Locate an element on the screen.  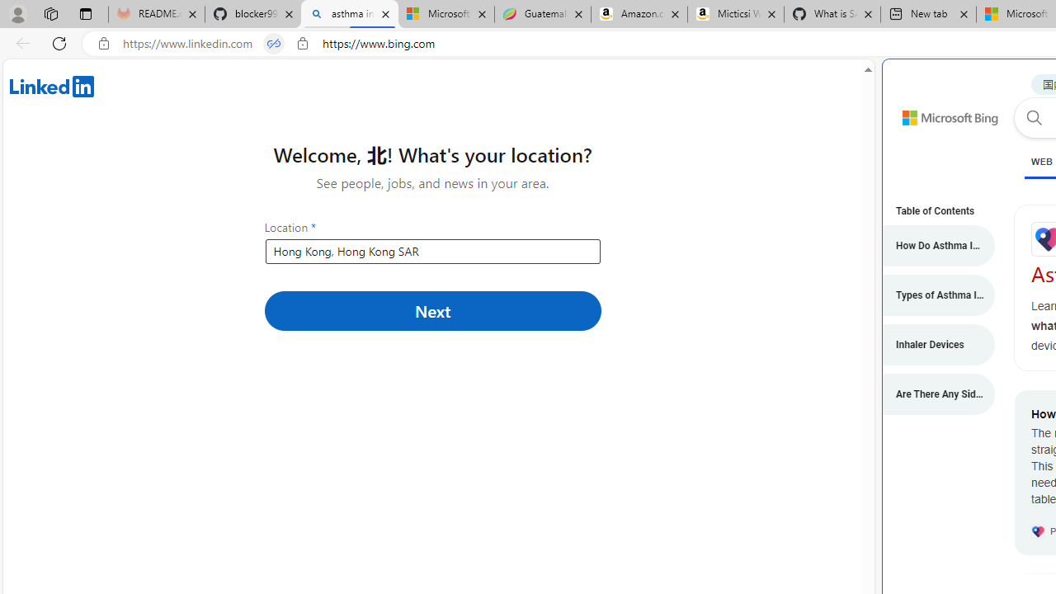
'How Do Asthma Inhalers Work?' is located at coordinates (930, 246).